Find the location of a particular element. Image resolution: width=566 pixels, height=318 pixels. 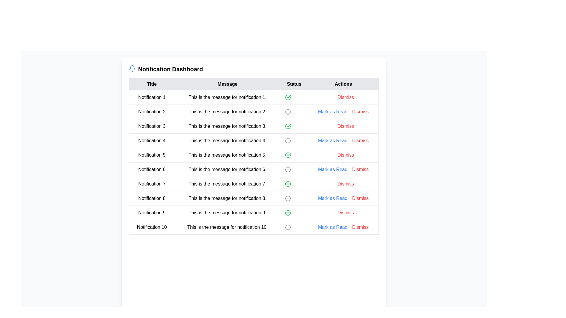

the text label displaying 'This is the message for notification 8.' located in the 'Message' column of the 'Notification 8' row in the notification table is located at coordinates (227, 198).